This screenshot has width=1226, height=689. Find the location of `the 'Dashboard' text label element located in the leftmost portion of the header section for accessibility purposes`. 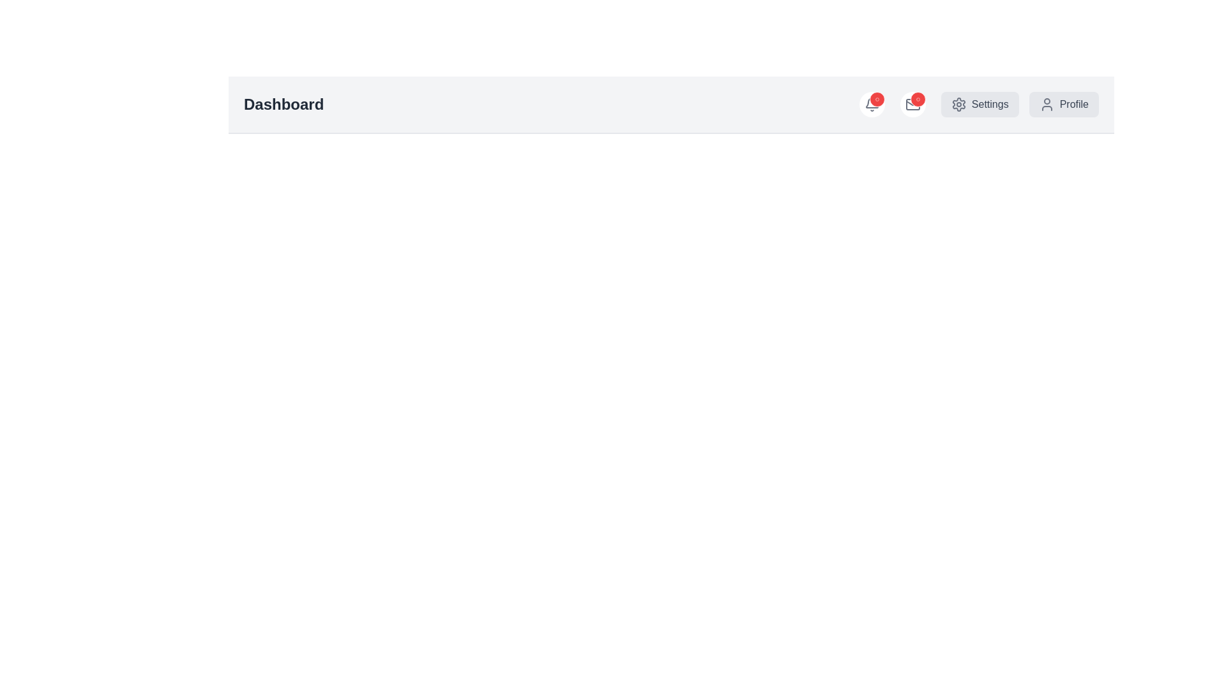

the 'Dashboard' text label element located in the leftmost portion of the header section for accessibility purposes is located at coordinates (283, 104).